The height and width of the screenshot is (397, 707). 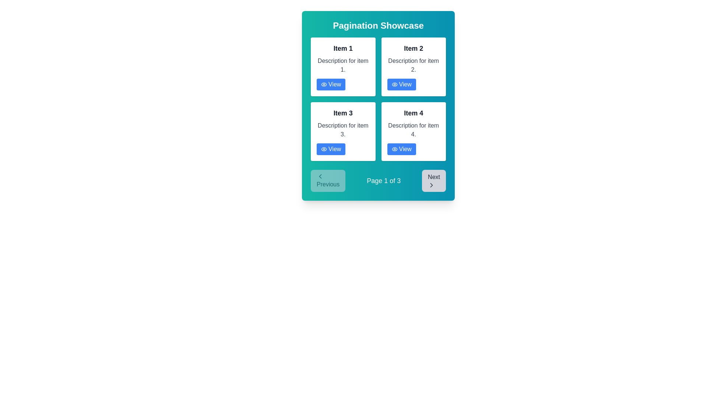 What do you see at coordinates (414, 131) in the screenshot?
I see `the Card item in the bottom-right corner of the grid layout` at bounding box center [414, 131].